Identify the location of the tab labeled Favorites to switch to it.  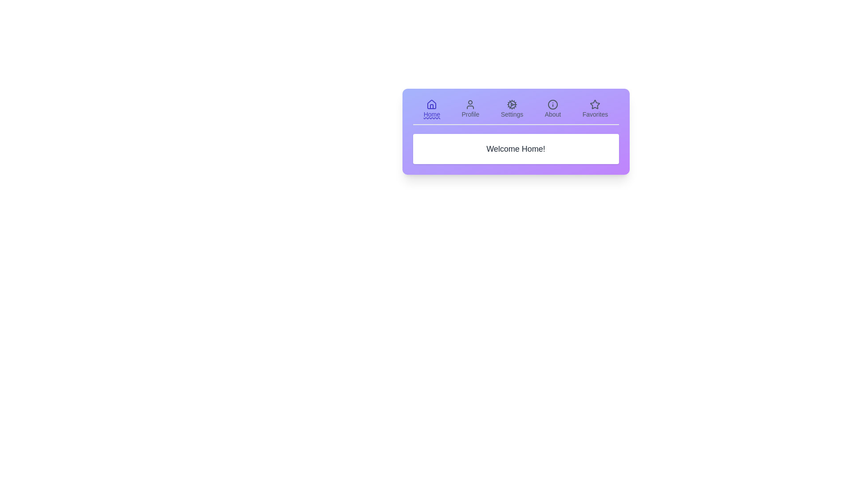
(595, 109).